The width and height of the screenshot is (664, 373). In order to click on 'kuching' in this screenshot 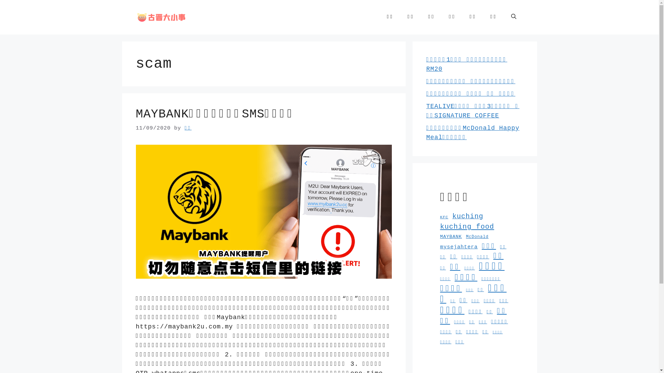, I will do `click(468, 216)`.